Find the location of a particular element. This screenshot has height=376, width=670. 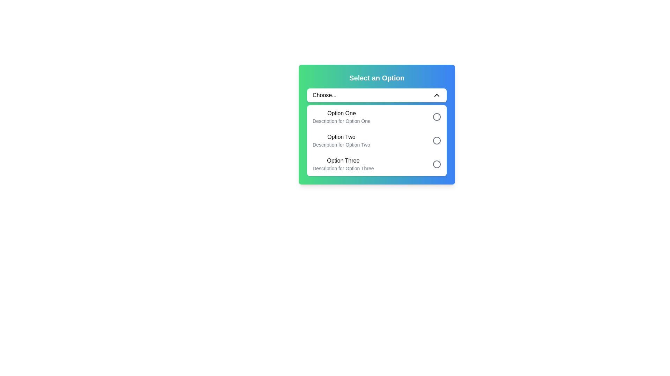

the text label reading 'Description for Option One', which is styled in a smaller gray font and positioned directly below the main label 'Option One' in the dropdown menu is located at coordinates (341, 120).